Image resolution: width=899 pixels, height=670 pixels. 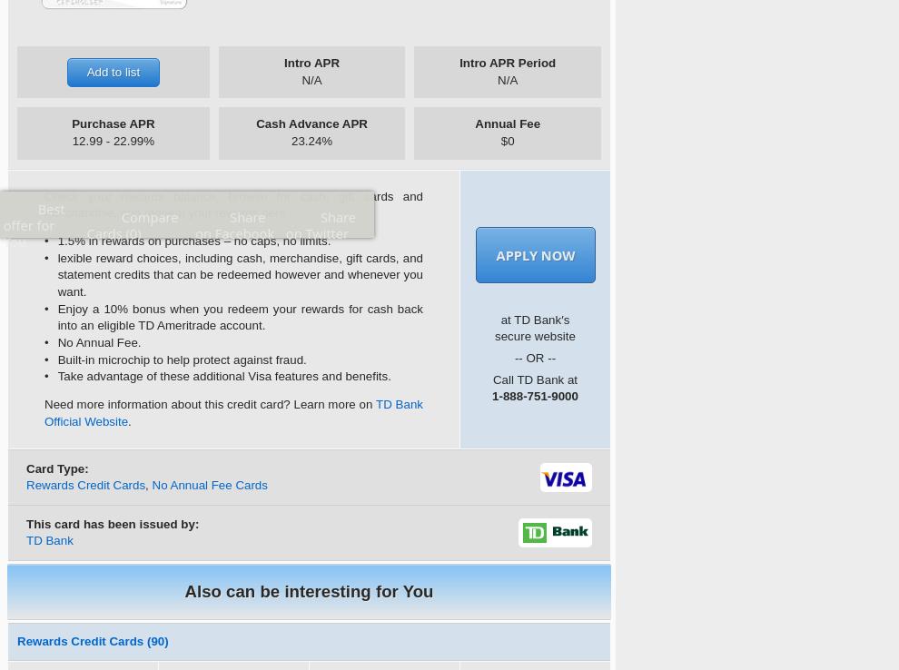 I want to click on '23.24%', so click(x=289, y=139).